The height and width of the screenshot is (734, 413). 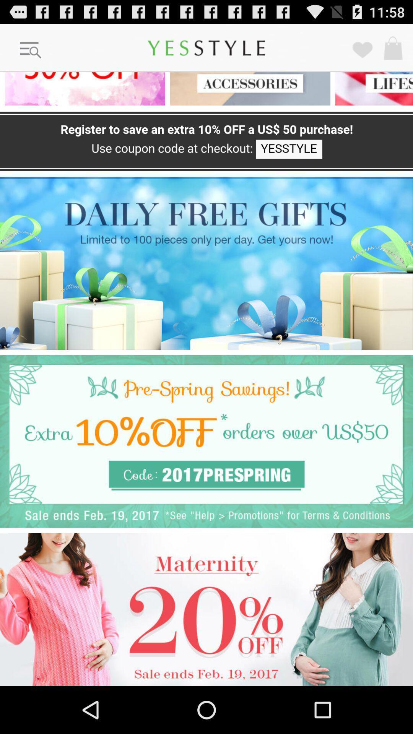 I want to click on click for free gifts, so click(x=206, y=263).